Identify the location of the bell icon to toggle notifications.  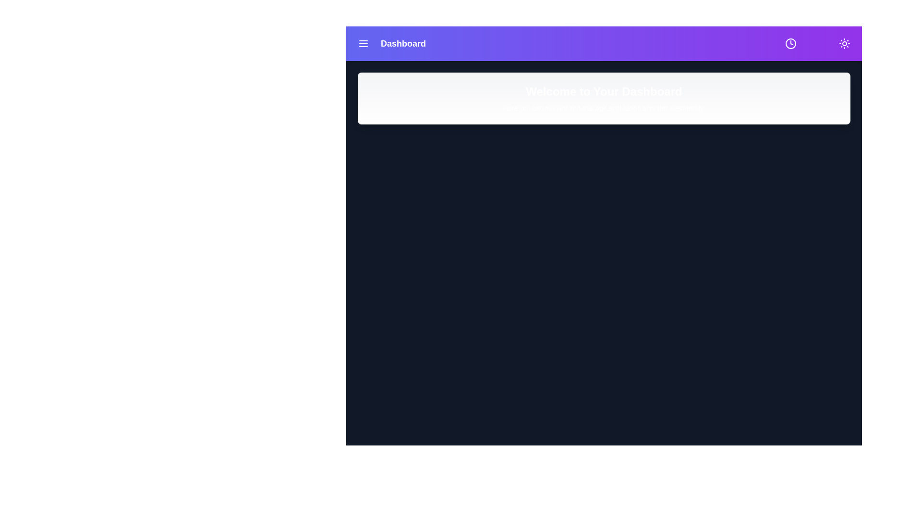
(817, 44).